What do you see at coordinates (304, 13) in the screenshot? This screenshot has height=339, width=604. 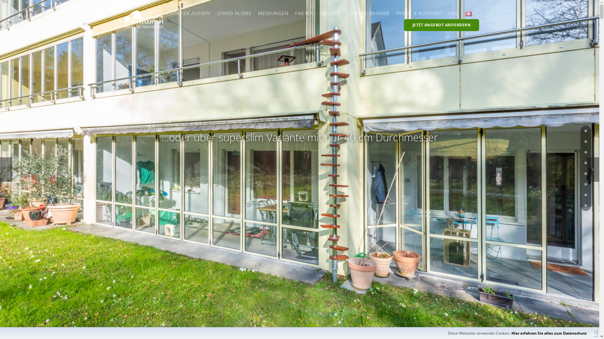 I see `'FAKTEN'` at bounding box center [304, 13].